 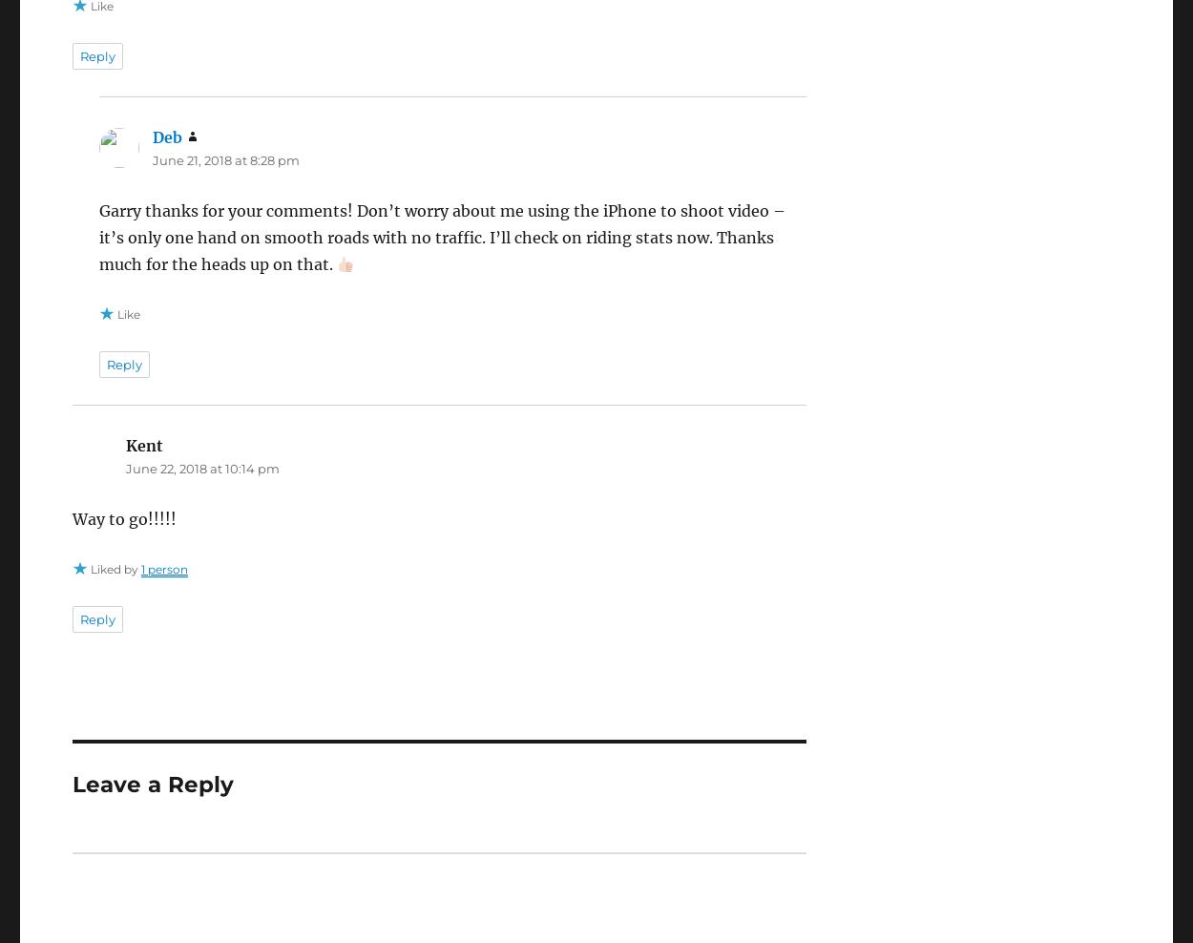 I want to click on 'Leave a Reply', so click(x=152, y=784).